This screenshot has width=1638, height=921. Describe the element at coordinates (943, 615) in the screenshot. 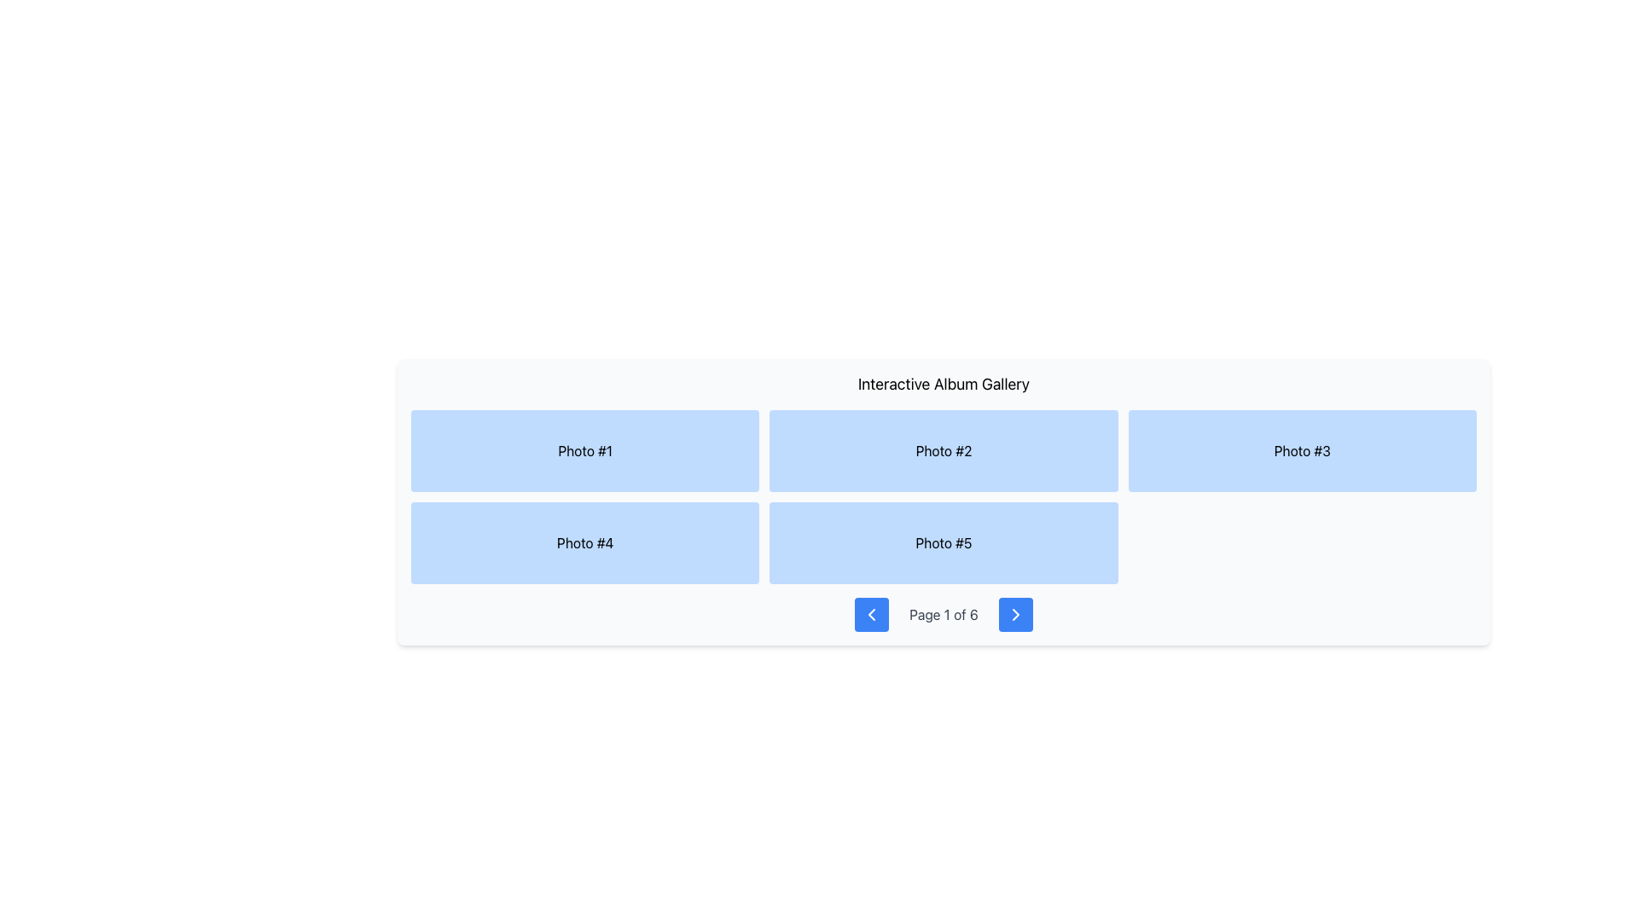

I see `the text element displaying 'Page 1 of 6', which is styled in gray and located between the left and right arrow buttons below the photo gallery` at that location.